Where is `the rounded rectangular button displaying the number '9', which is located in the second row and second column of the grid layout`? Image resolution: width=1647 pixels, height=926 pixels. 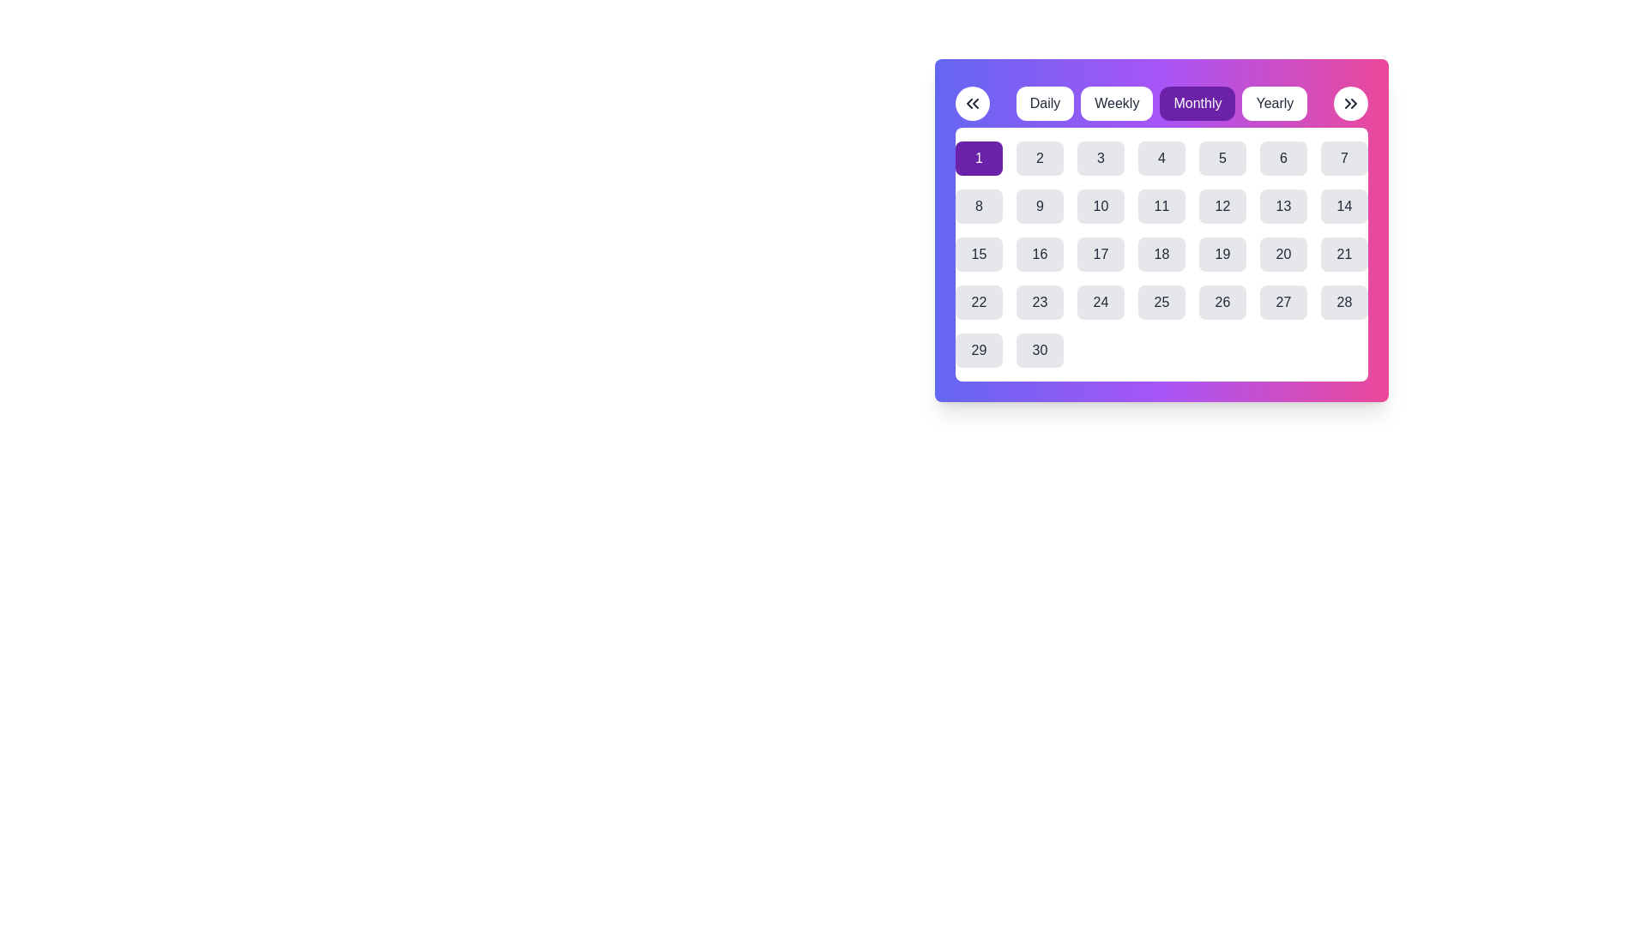 the rounded rectangular button displaying the number '9', which is located in the second row and second column of the grid layout is located at coordinates (1039, 205).